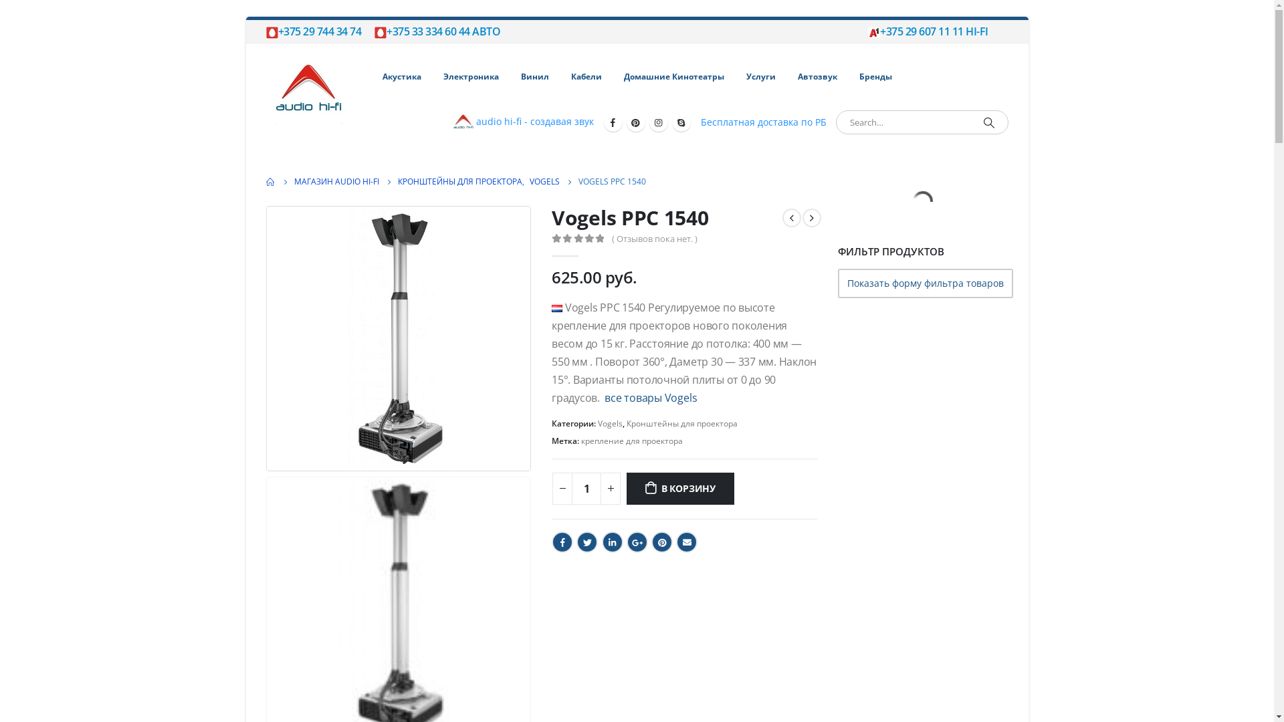 This screenshot has height=722, width=1284. What do you see at coordinates (544, 182) in the screenshot?
I see `'VOGELS'` at bounding box center [544, 182].